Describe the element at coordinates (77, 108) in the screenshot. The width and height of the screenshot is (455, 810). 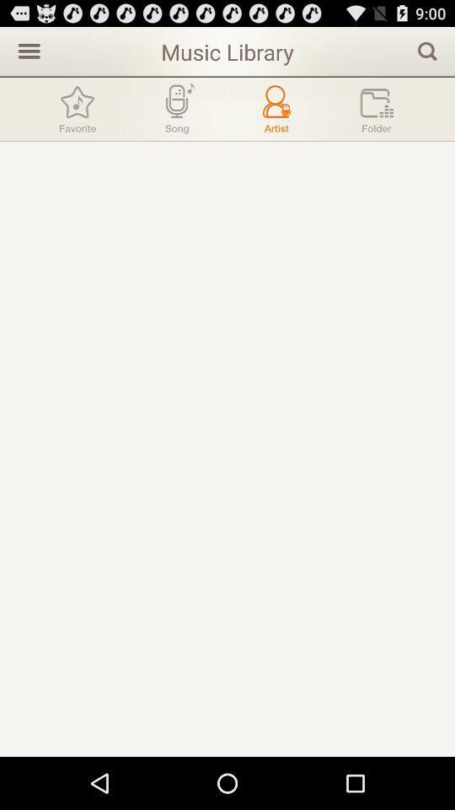
I see `favorite` at that location.